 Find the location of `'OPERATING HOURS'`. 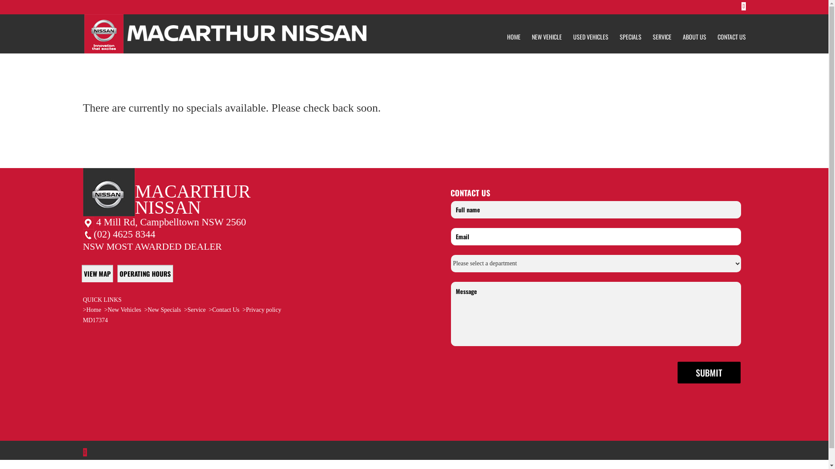

'OPERATING HOURS' is located at coordinates (117, 273).